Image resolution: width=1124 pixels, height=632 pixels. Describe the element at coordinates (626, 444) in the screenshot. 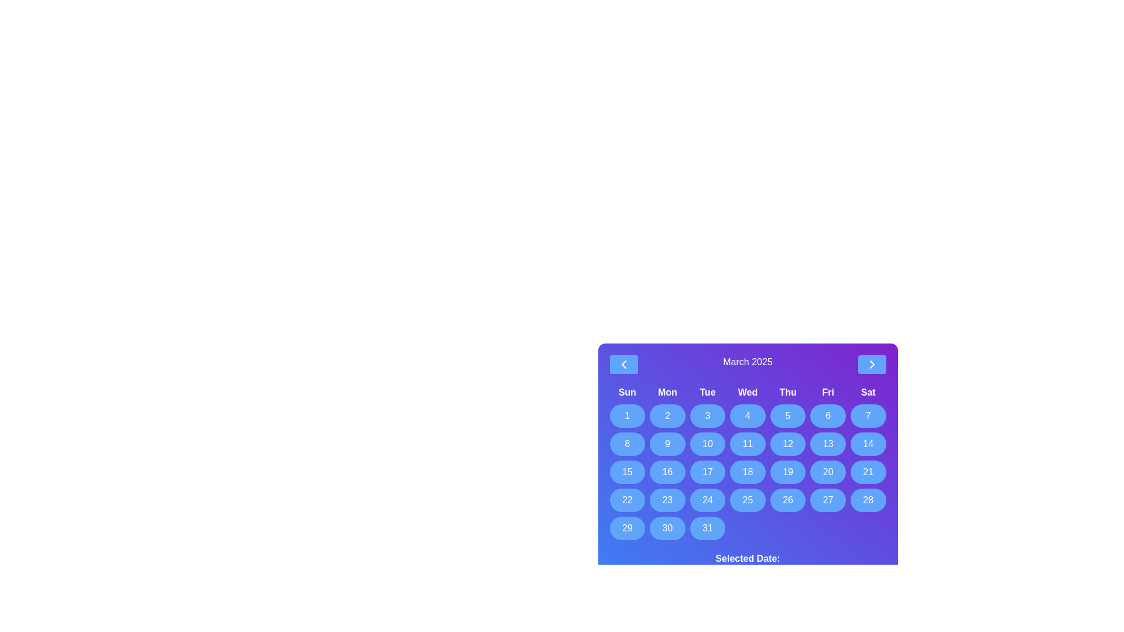

I see `the button representing a specific day of the month in the calendar grid located in the second row and first column, directly below the 'Sun' header label` at that location.